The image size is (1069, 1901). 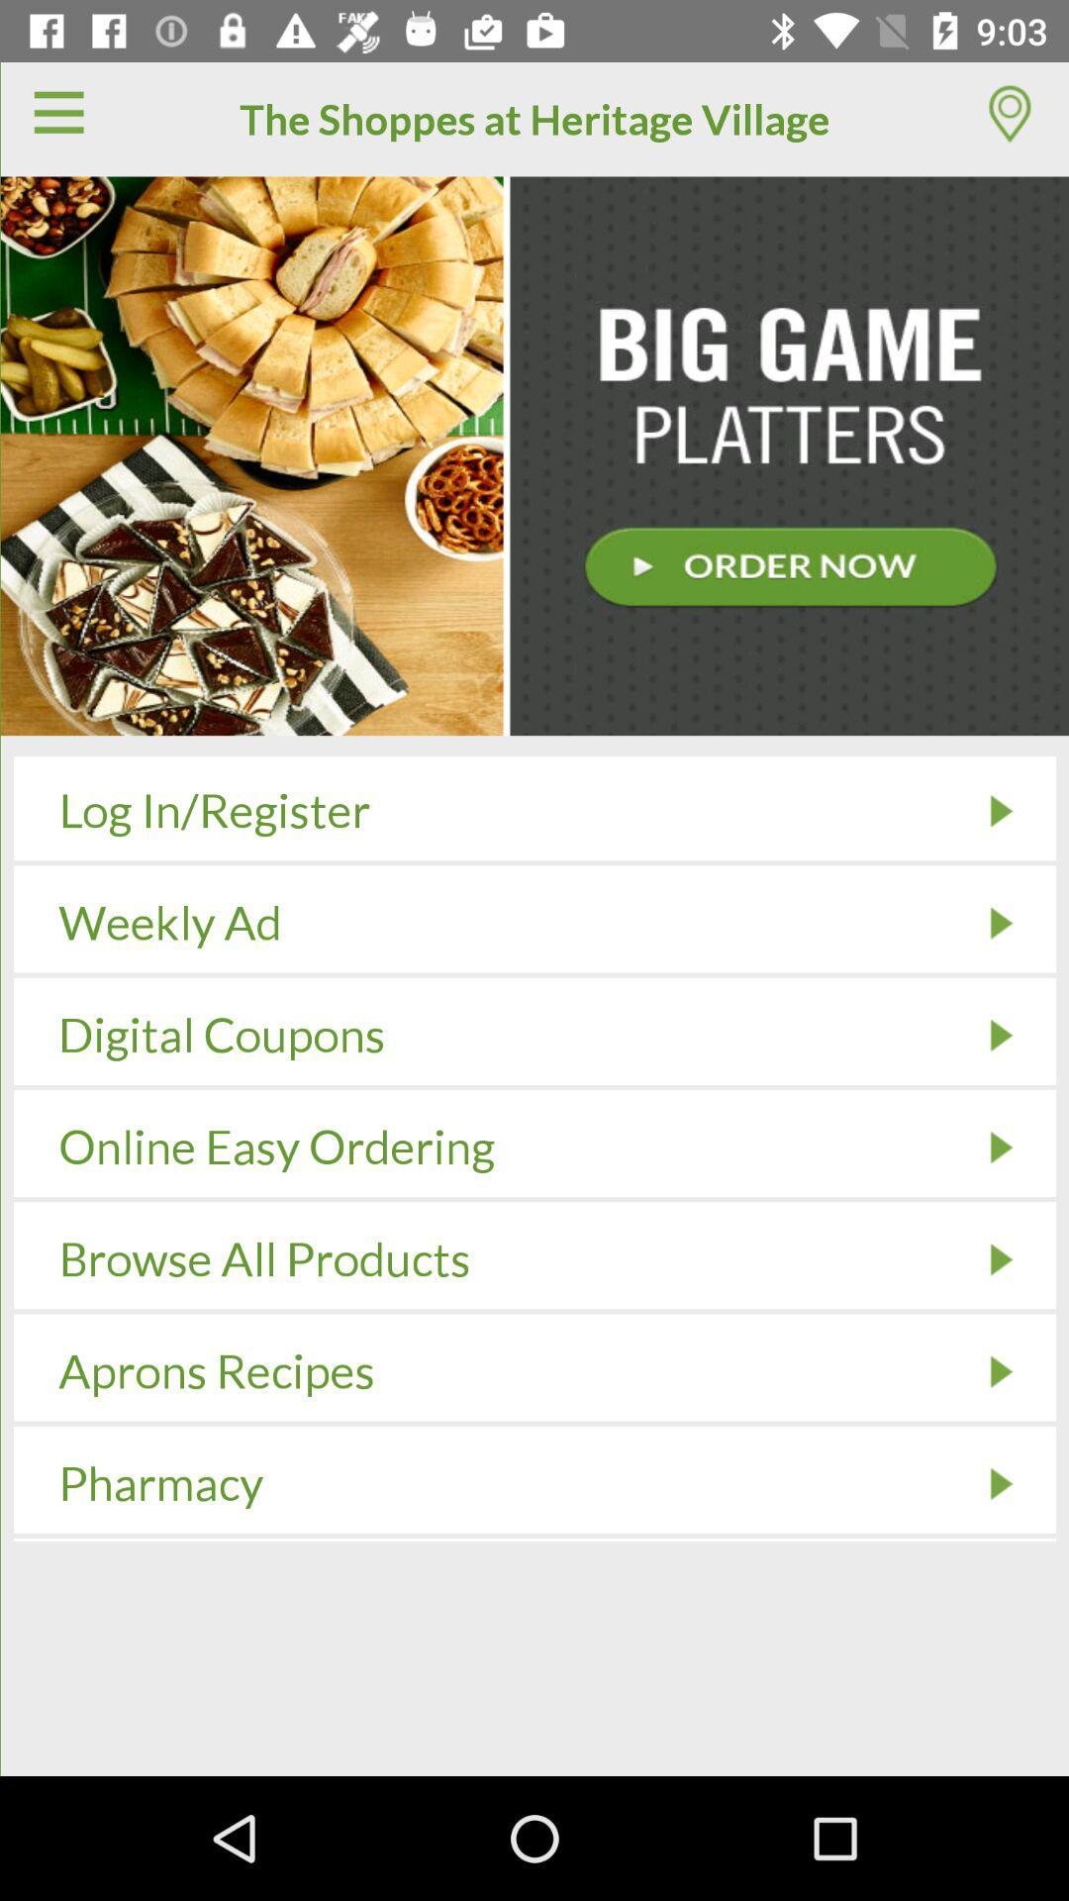 What do you see at coordinates (1001, 922) in the screenshot?
I see `the green arrow beside weekly ad` at bounding box center [1001, 922].